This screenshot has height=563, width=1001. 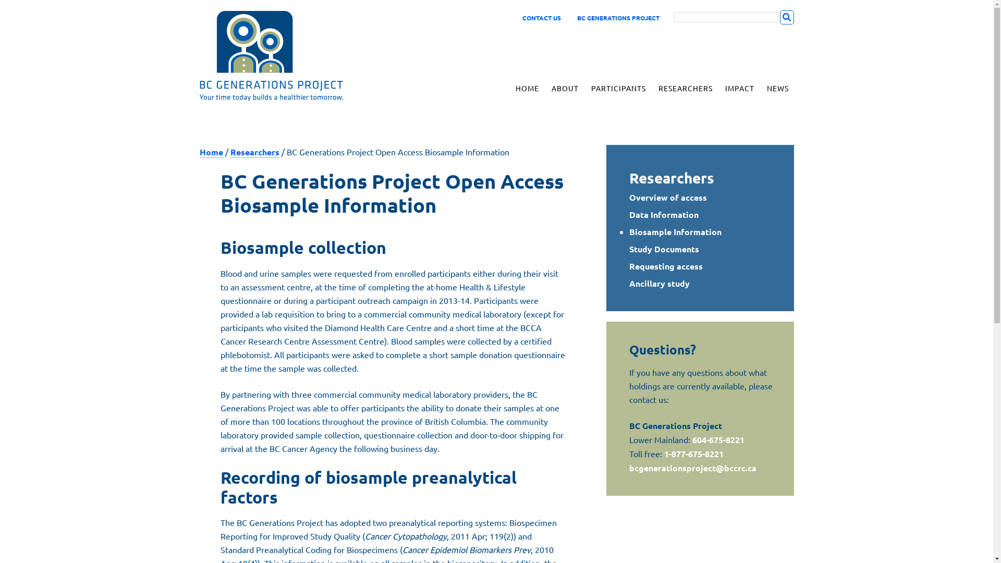 What do you see at coordinates (693, 467) in the screenshot?
I see `'bcgenerationsproject@bccrc.ca'` at bounding box center [693, 467].